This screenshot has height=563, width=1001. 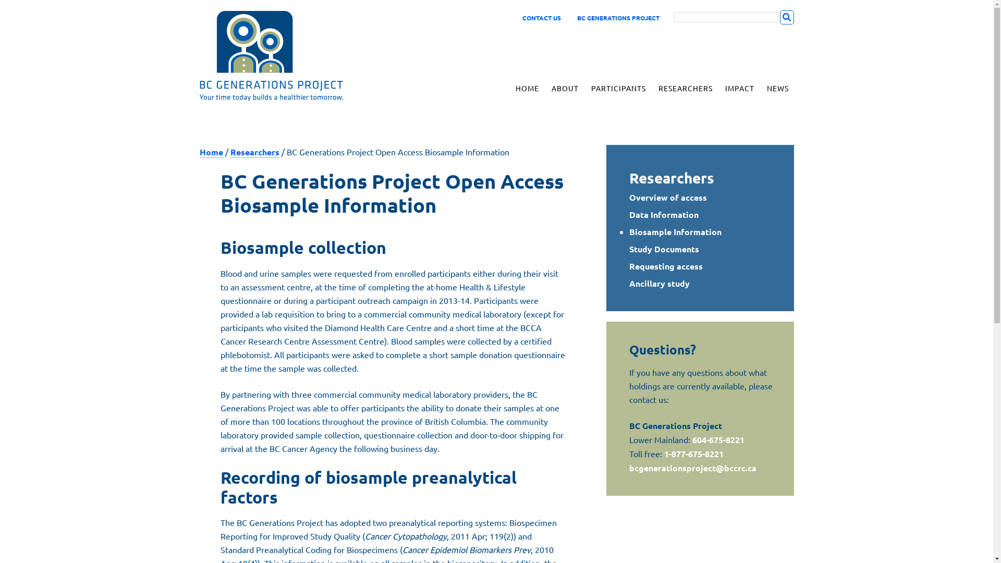 What do you see at coordinates (693, 467) in the screenshot?
I see `'bcgenerationsproject@bccrc.ca'` at bounding box center [693, 467].